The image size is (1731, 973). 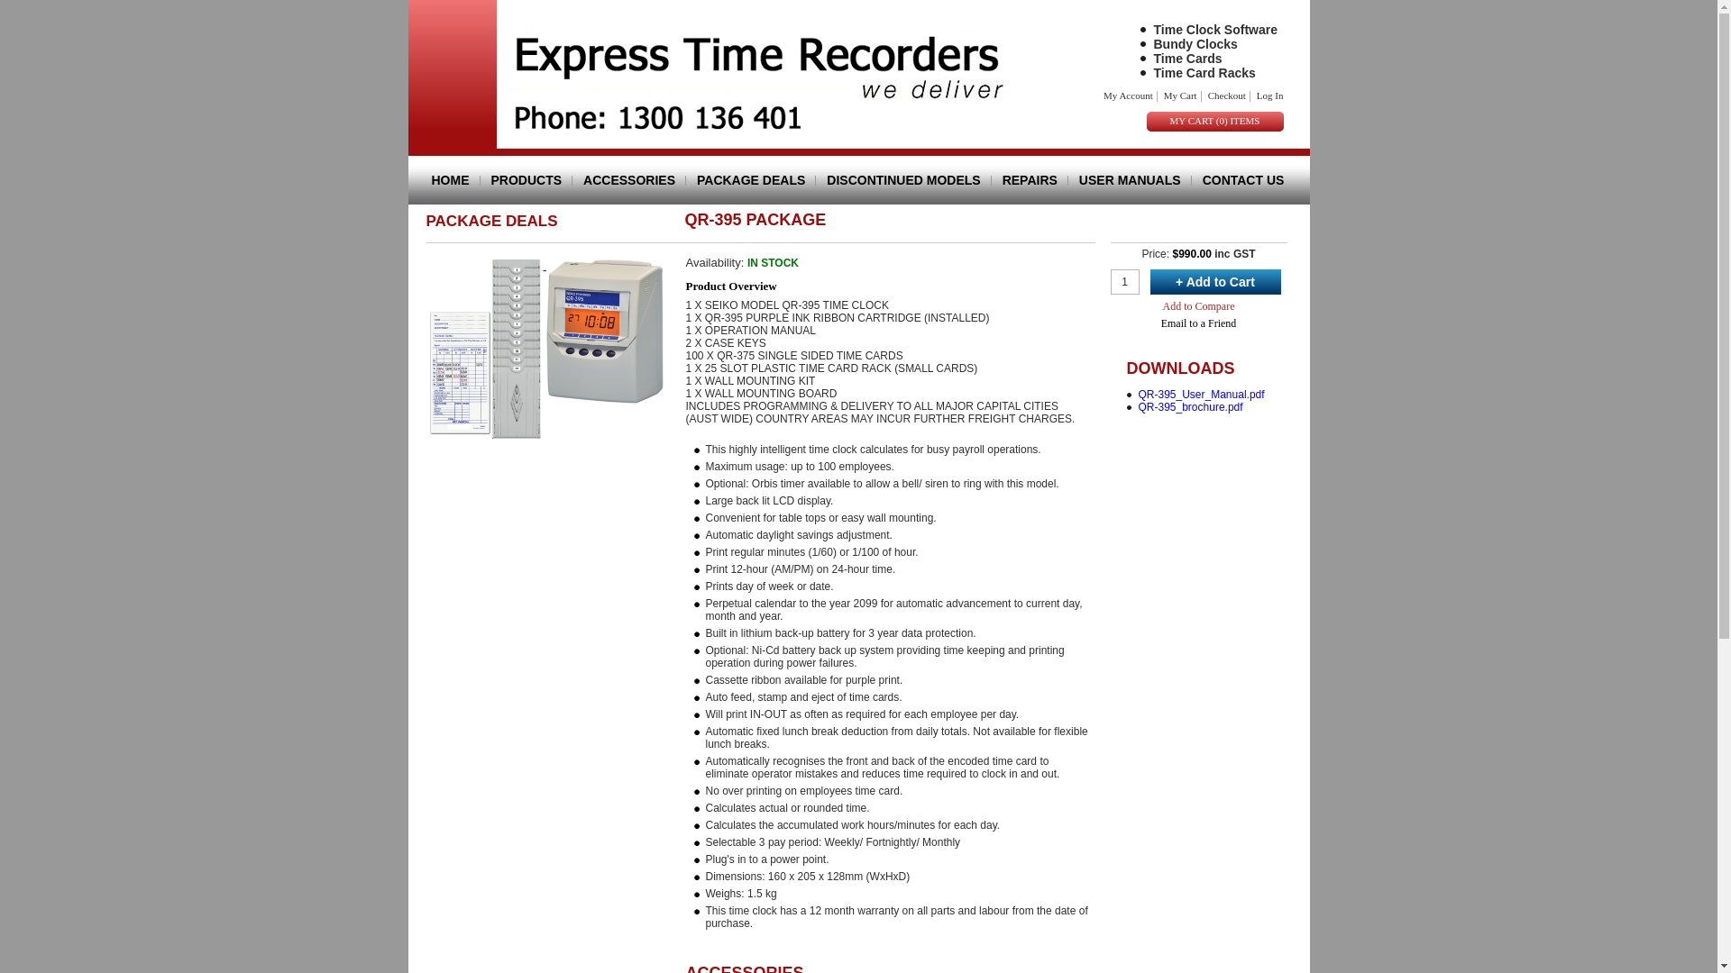 What do you see at coordinates (1237, 180) in the screenshot?
I see `'CONTACT US'` at bounding box center [1237, 180].